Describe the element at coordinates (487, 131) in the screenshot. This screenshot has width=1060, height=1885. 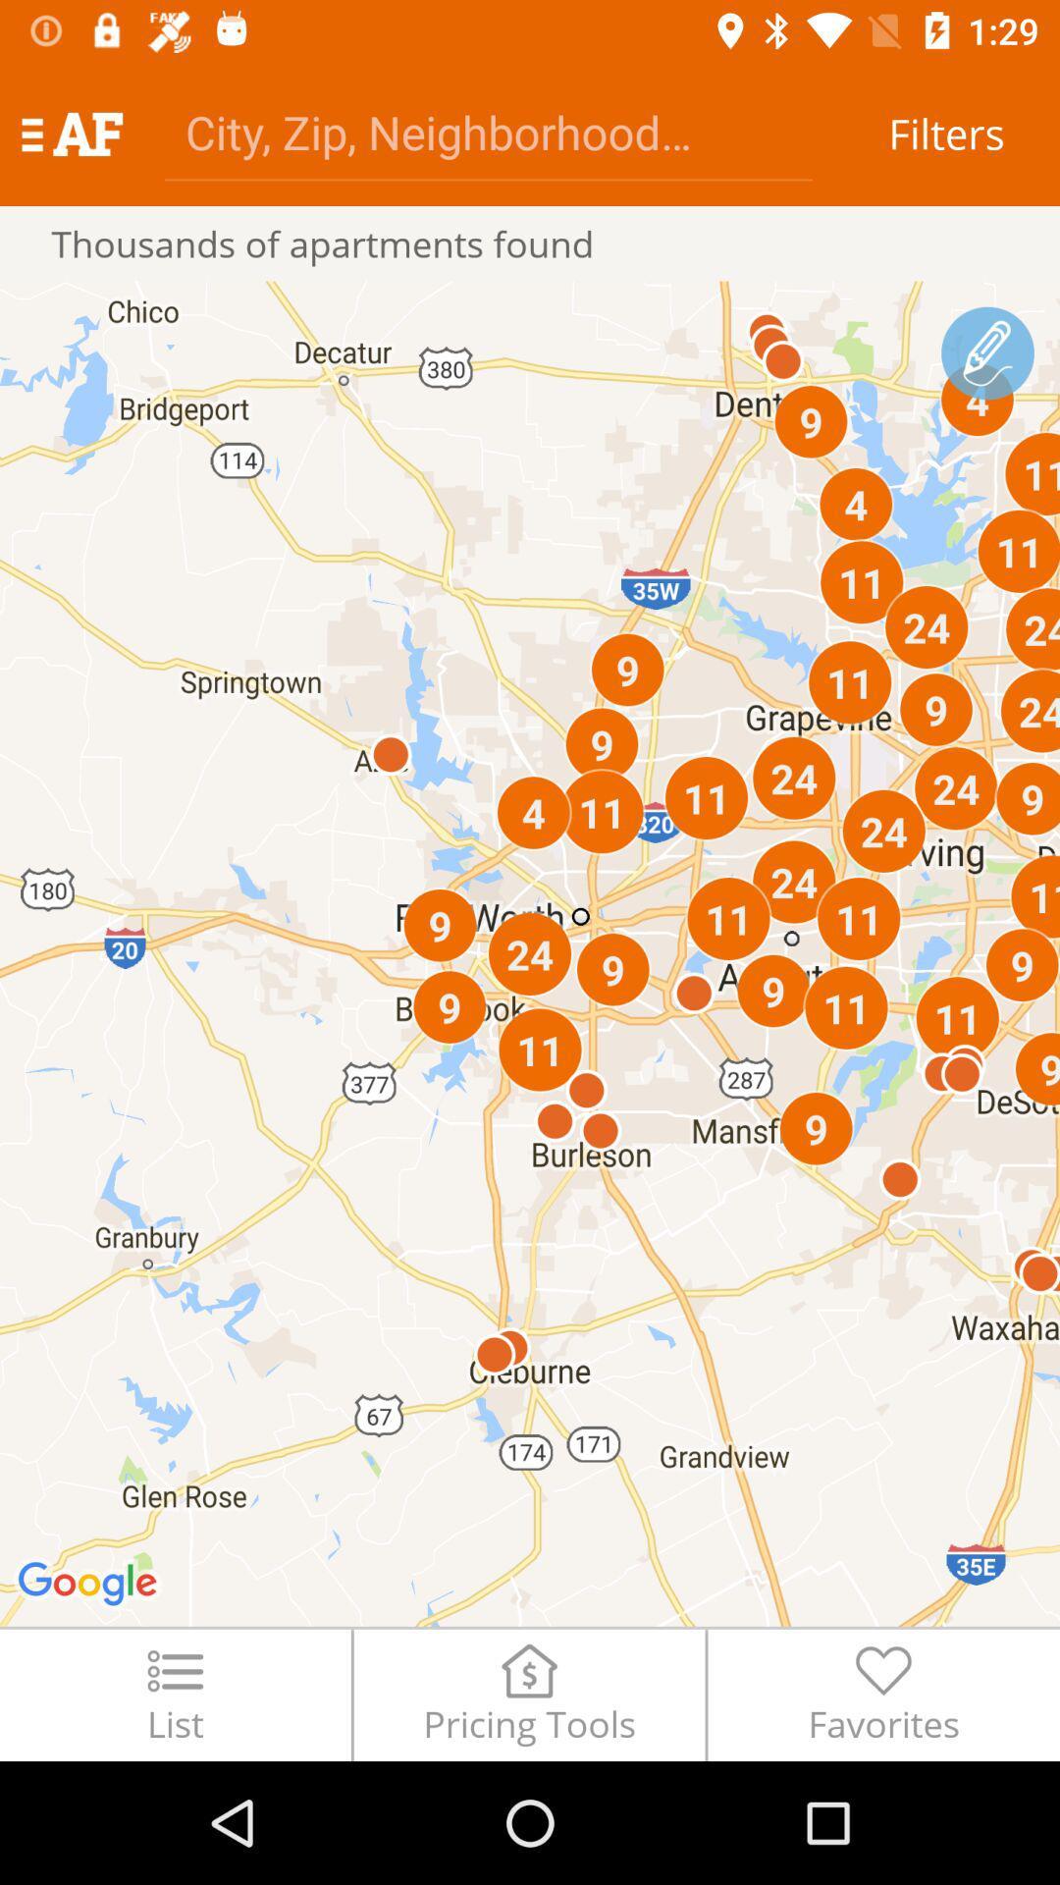
I see `search` at that location.